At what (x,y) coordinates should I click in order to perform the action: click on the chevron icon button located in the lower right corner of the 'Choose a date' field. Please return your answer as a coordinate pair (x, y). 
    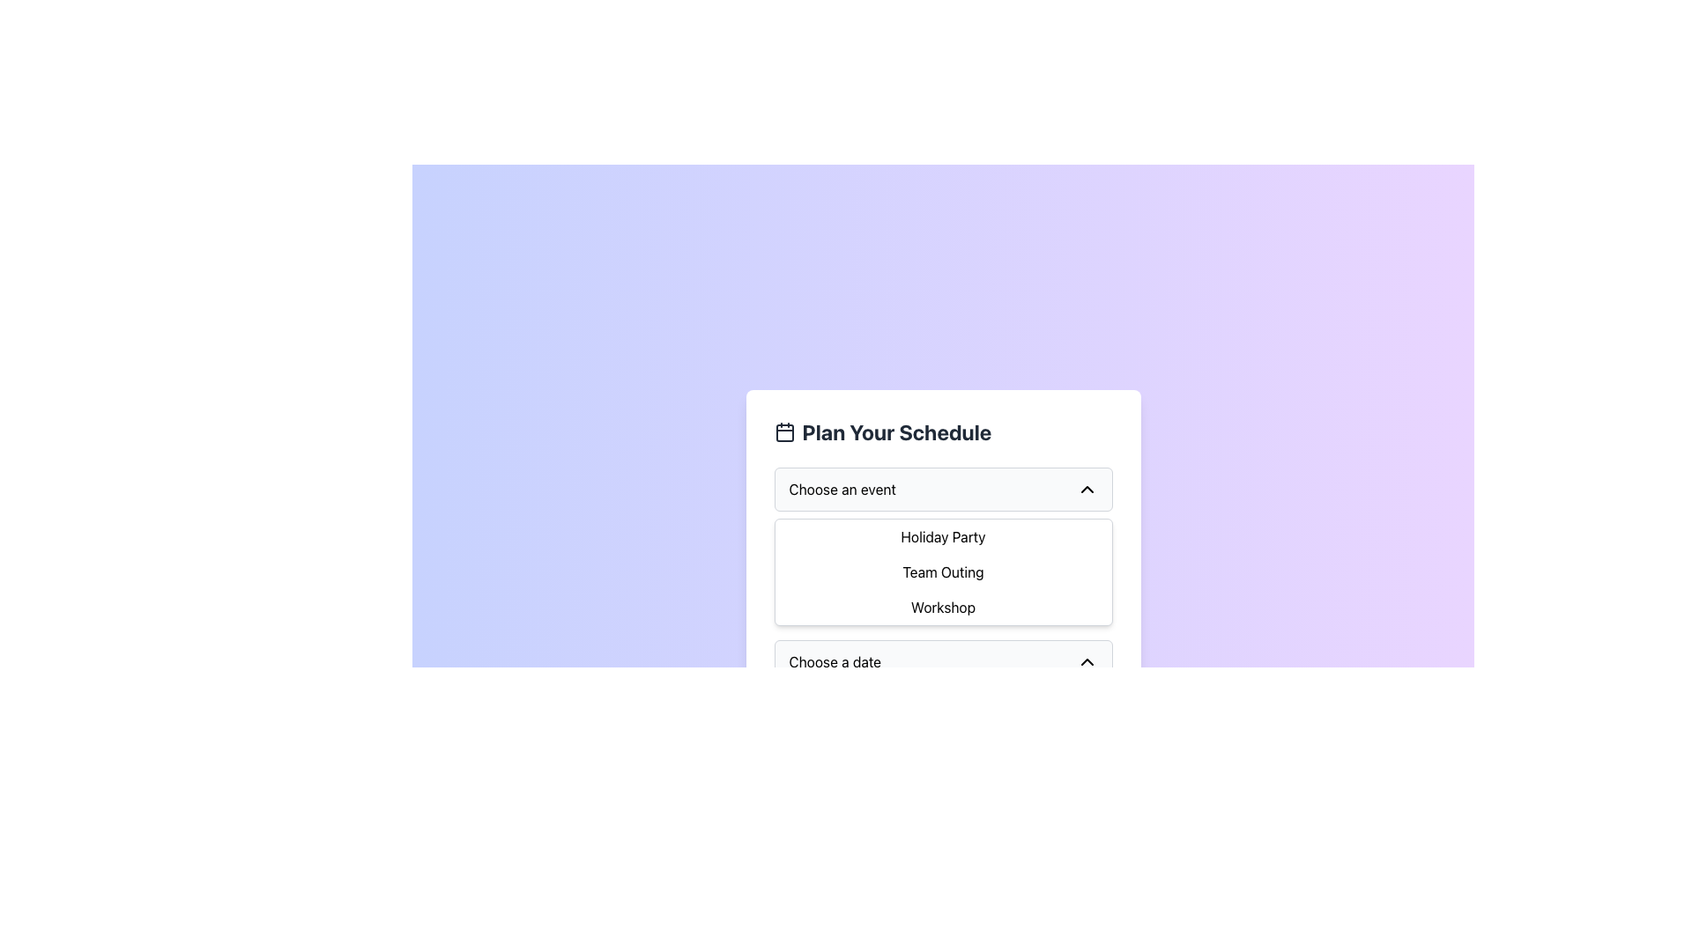
    Looking at the image, I should click on (1086, 662).